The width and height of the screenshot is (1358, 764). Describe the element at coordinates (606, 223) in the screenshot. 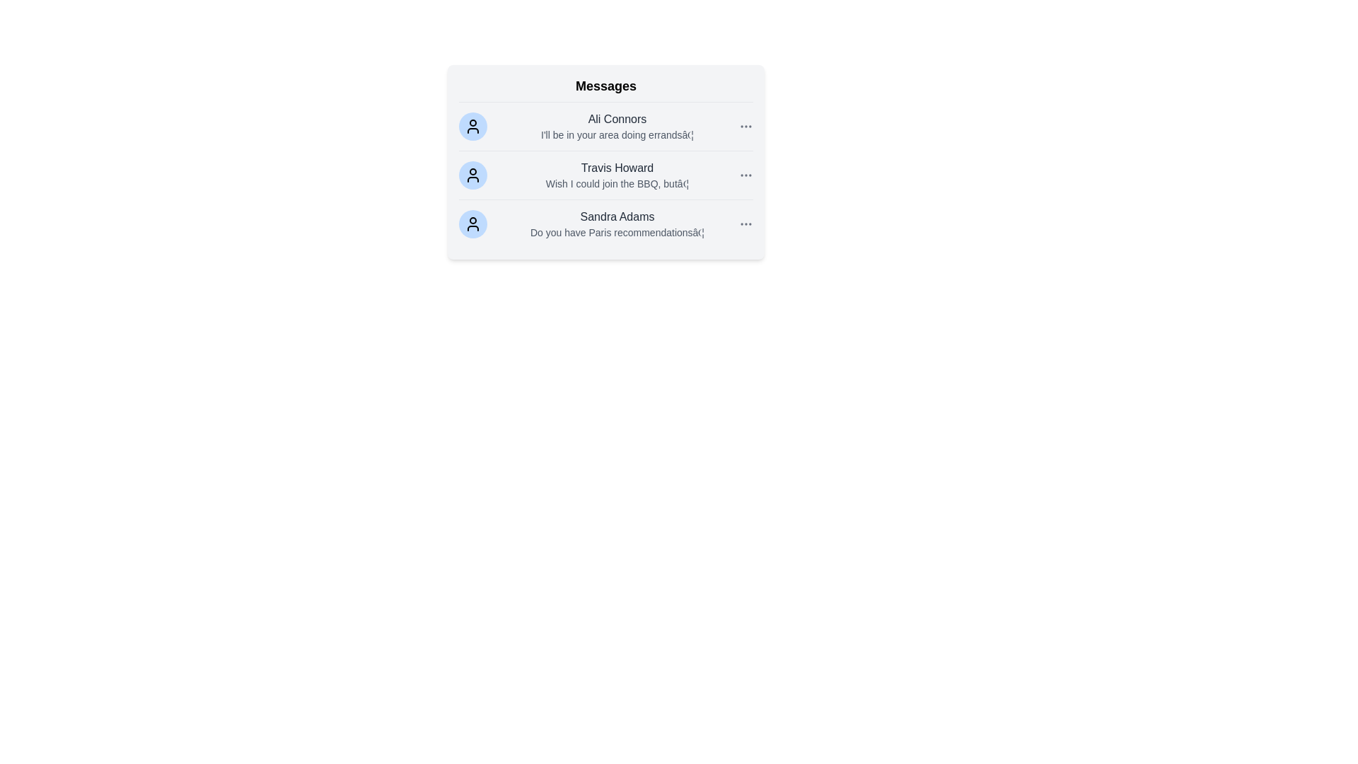

I see `the third list item` at that location.